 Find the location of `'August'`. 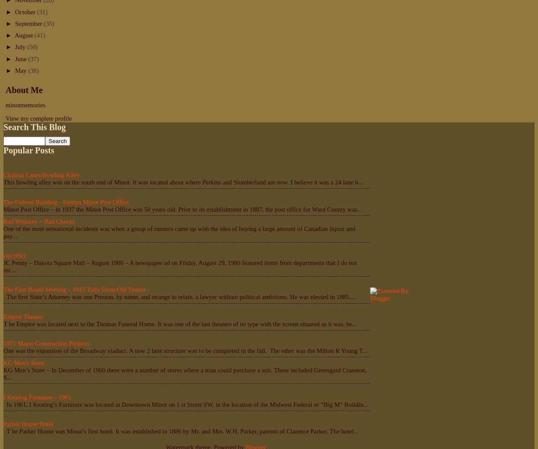

'August' is located at coordinates (15, 35).